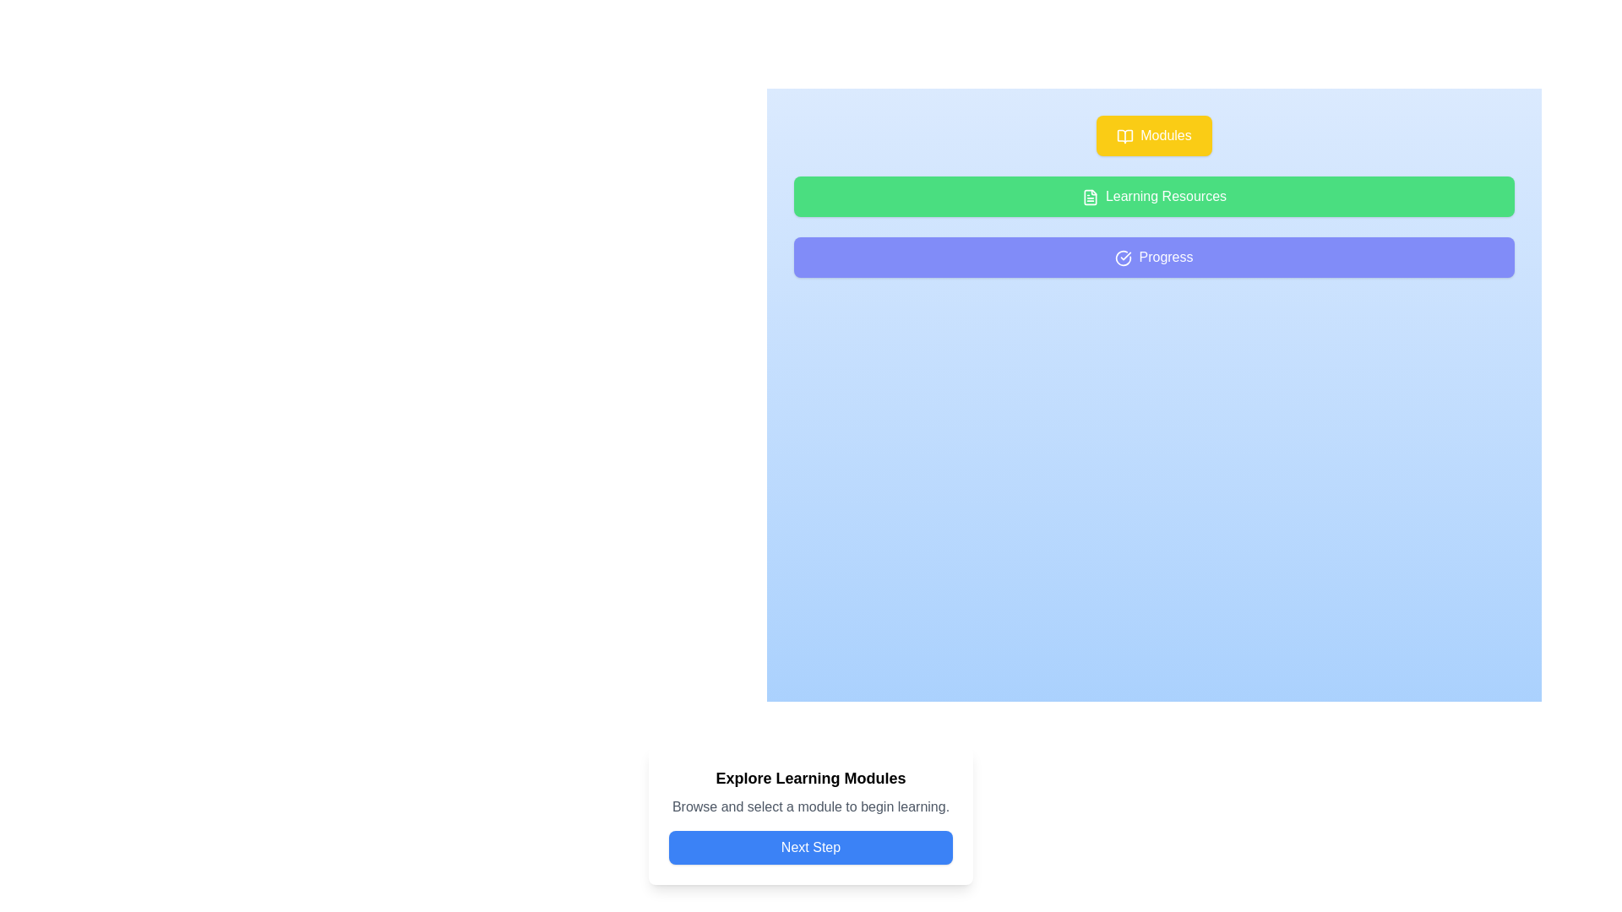 This screenshot has height=912, width=1622. Describe the element at coordinates (1090, 196) in the screenshot. I see `the small decorative icon located` at that location.